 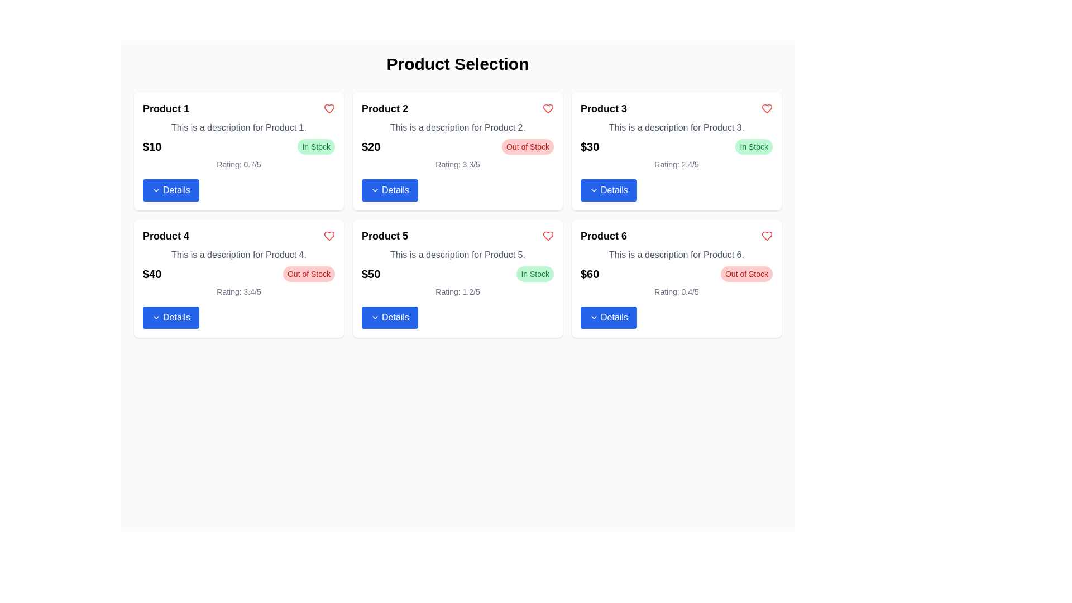 I want to click on the text element that provides a brief description of Product 2, located below the product title and above the pricing information within the card for Product 2 in the second column of the first row of the grid, so click(x=458, y=127).